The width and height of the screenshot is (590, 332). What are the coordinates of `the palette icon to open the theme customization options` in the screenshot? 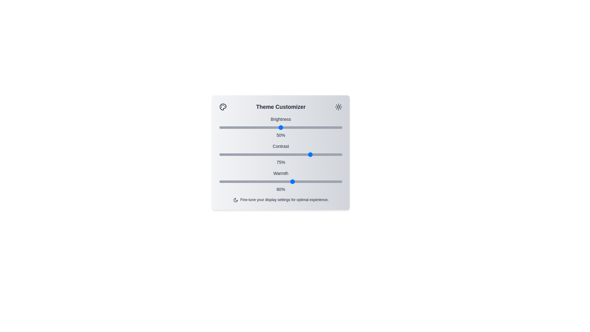 It's located at (222, 106).